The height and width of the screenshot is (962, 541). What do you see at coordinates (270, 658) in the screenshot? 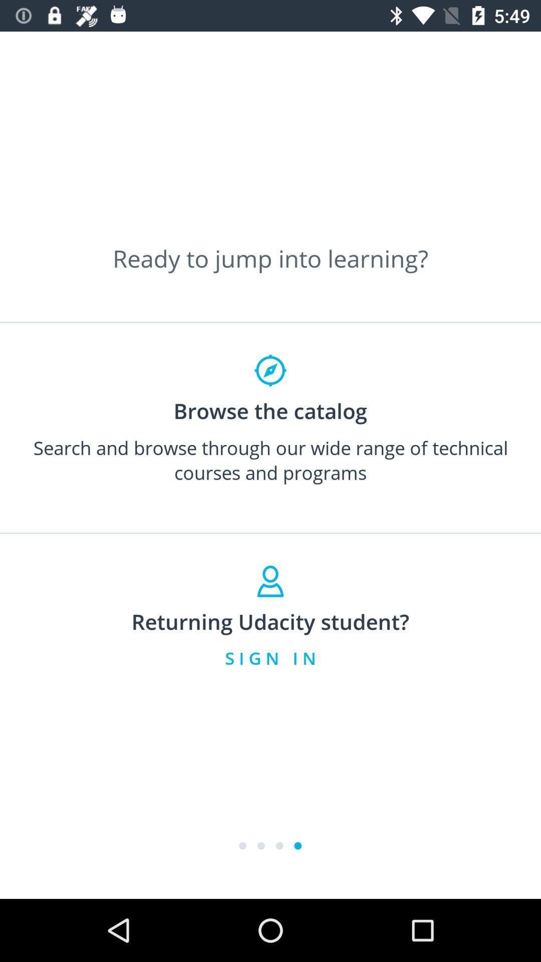
I see `sign in` at bounding box center [270, 658].